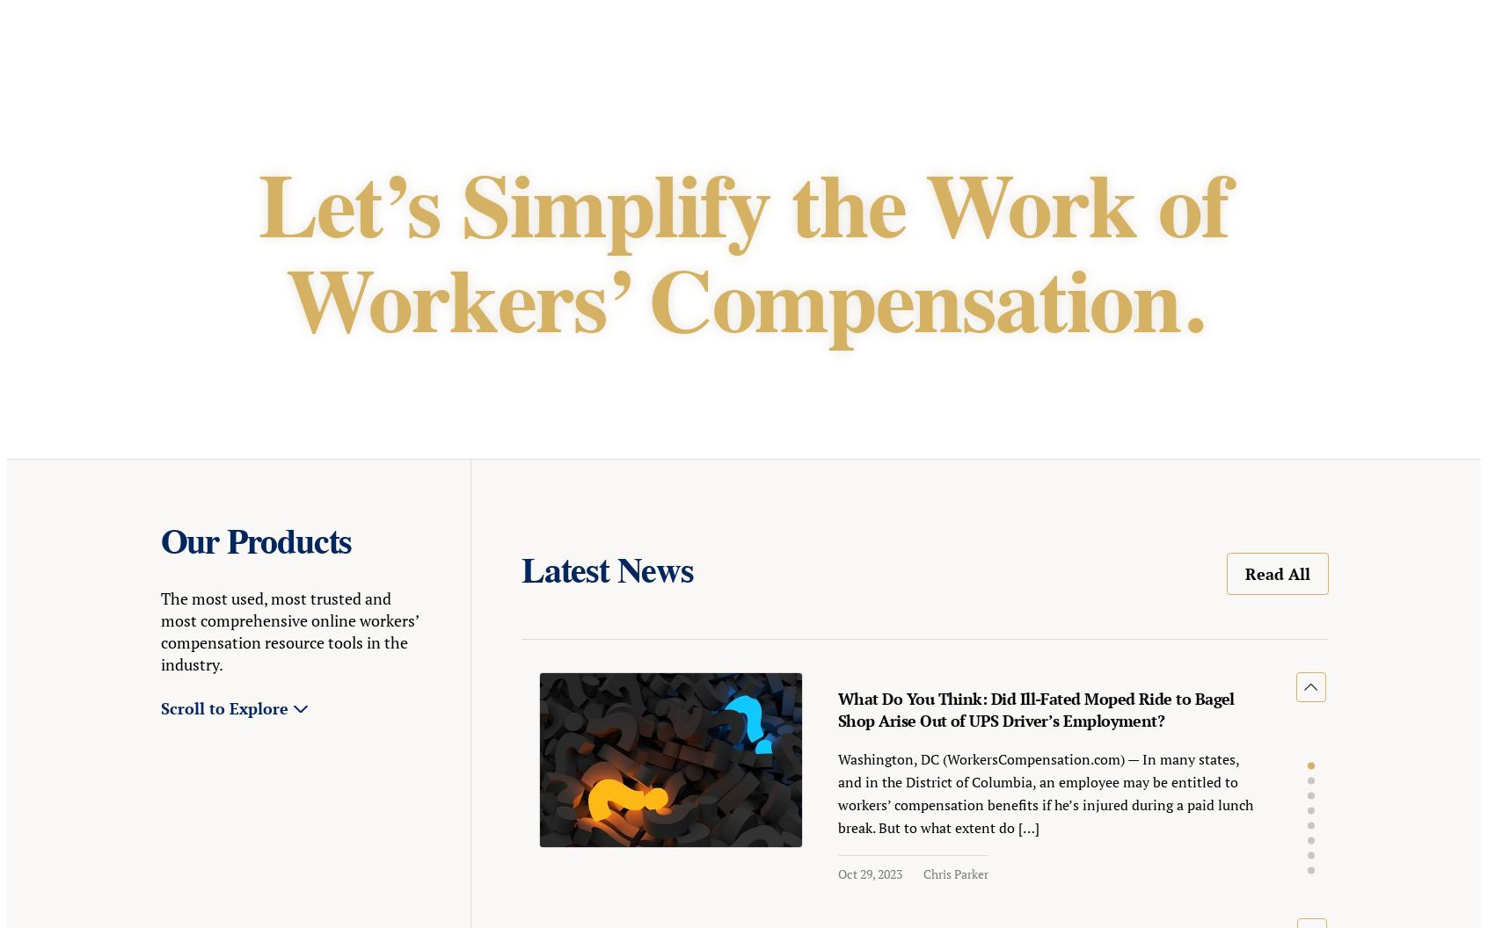 The width and height of the screenshot is (1488, 928). Describe the element at coordinates (677, 553) in the screenshot. I see `'1 Florida CEU hours'` at that location.